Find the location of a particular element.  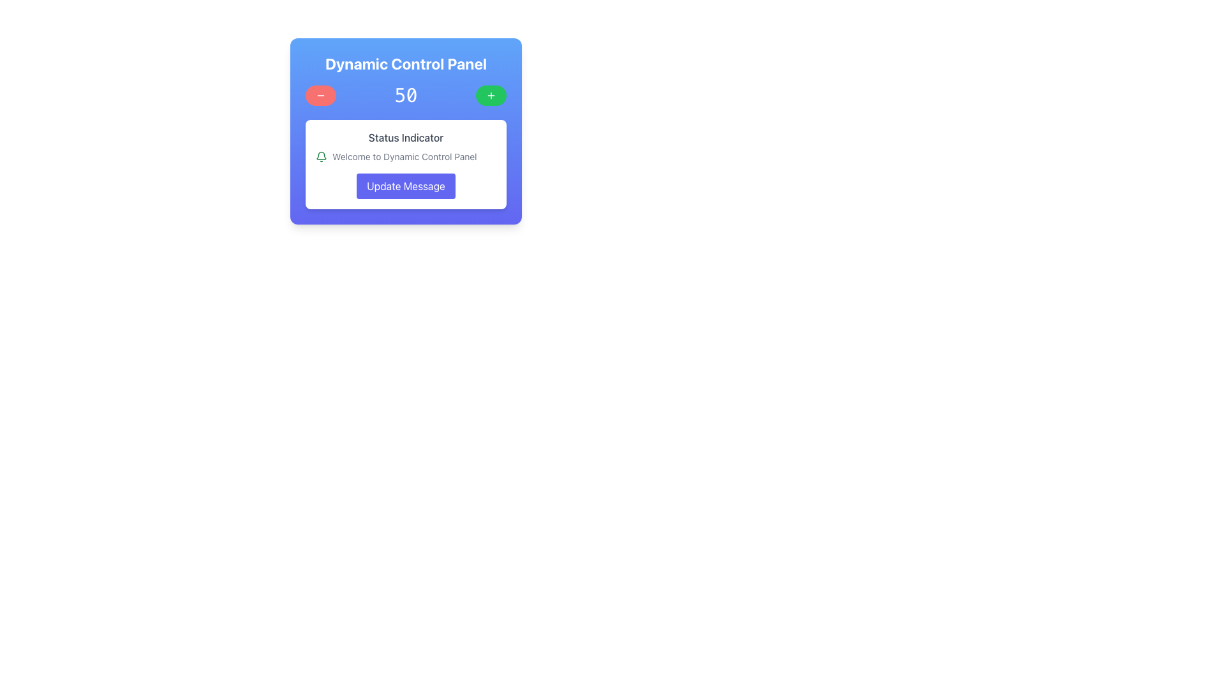

the increment button located to the right of the numeric display showing '50' is located at coordinates (490, 95).